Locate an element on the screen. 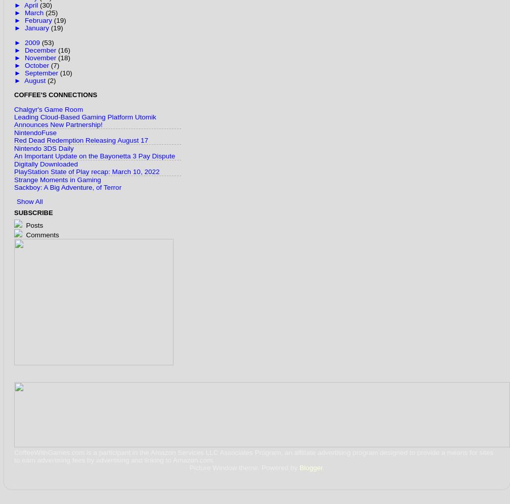  'Nintendo 3DS Daily' is located at coordinates (44, 147).